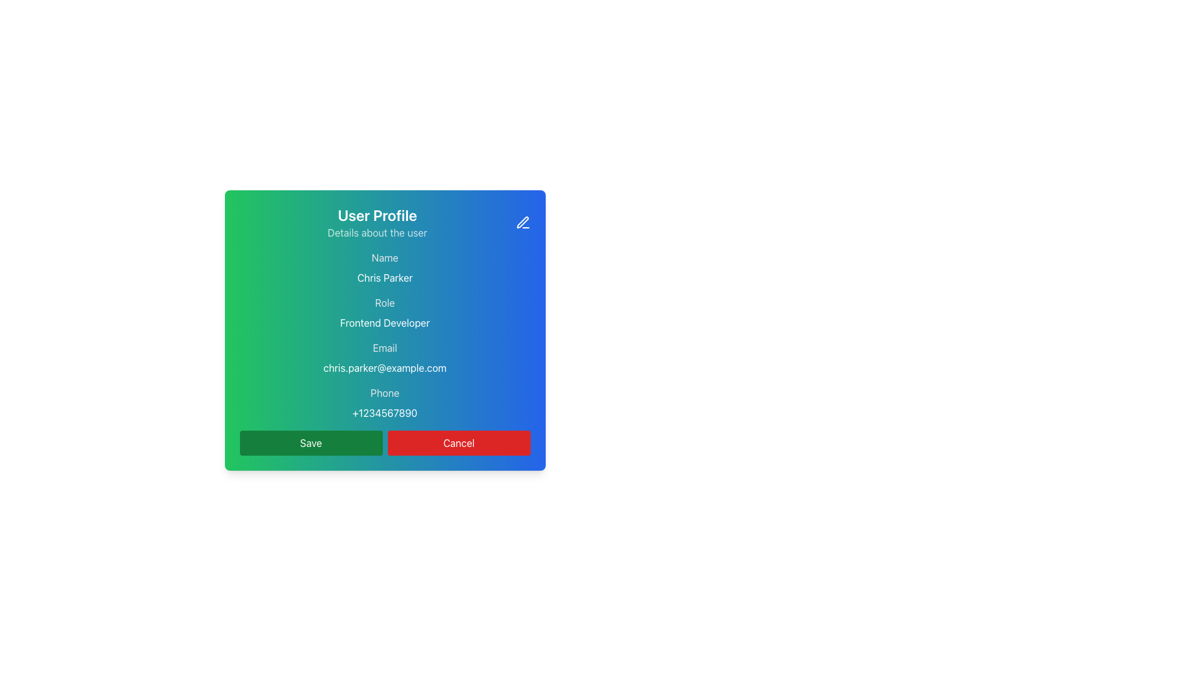 Image resolution: width=1203 pixels, height=676 pixels. What do you see at coordinates (384, 257) in the screenshot?
I see `the text label displaying 'Name' in light gray color, located near the top of the user profile modal, slightly below the title and subtitle, and near the left edge of the user name 'Chris Parker'` at bounding box center [384, 257].